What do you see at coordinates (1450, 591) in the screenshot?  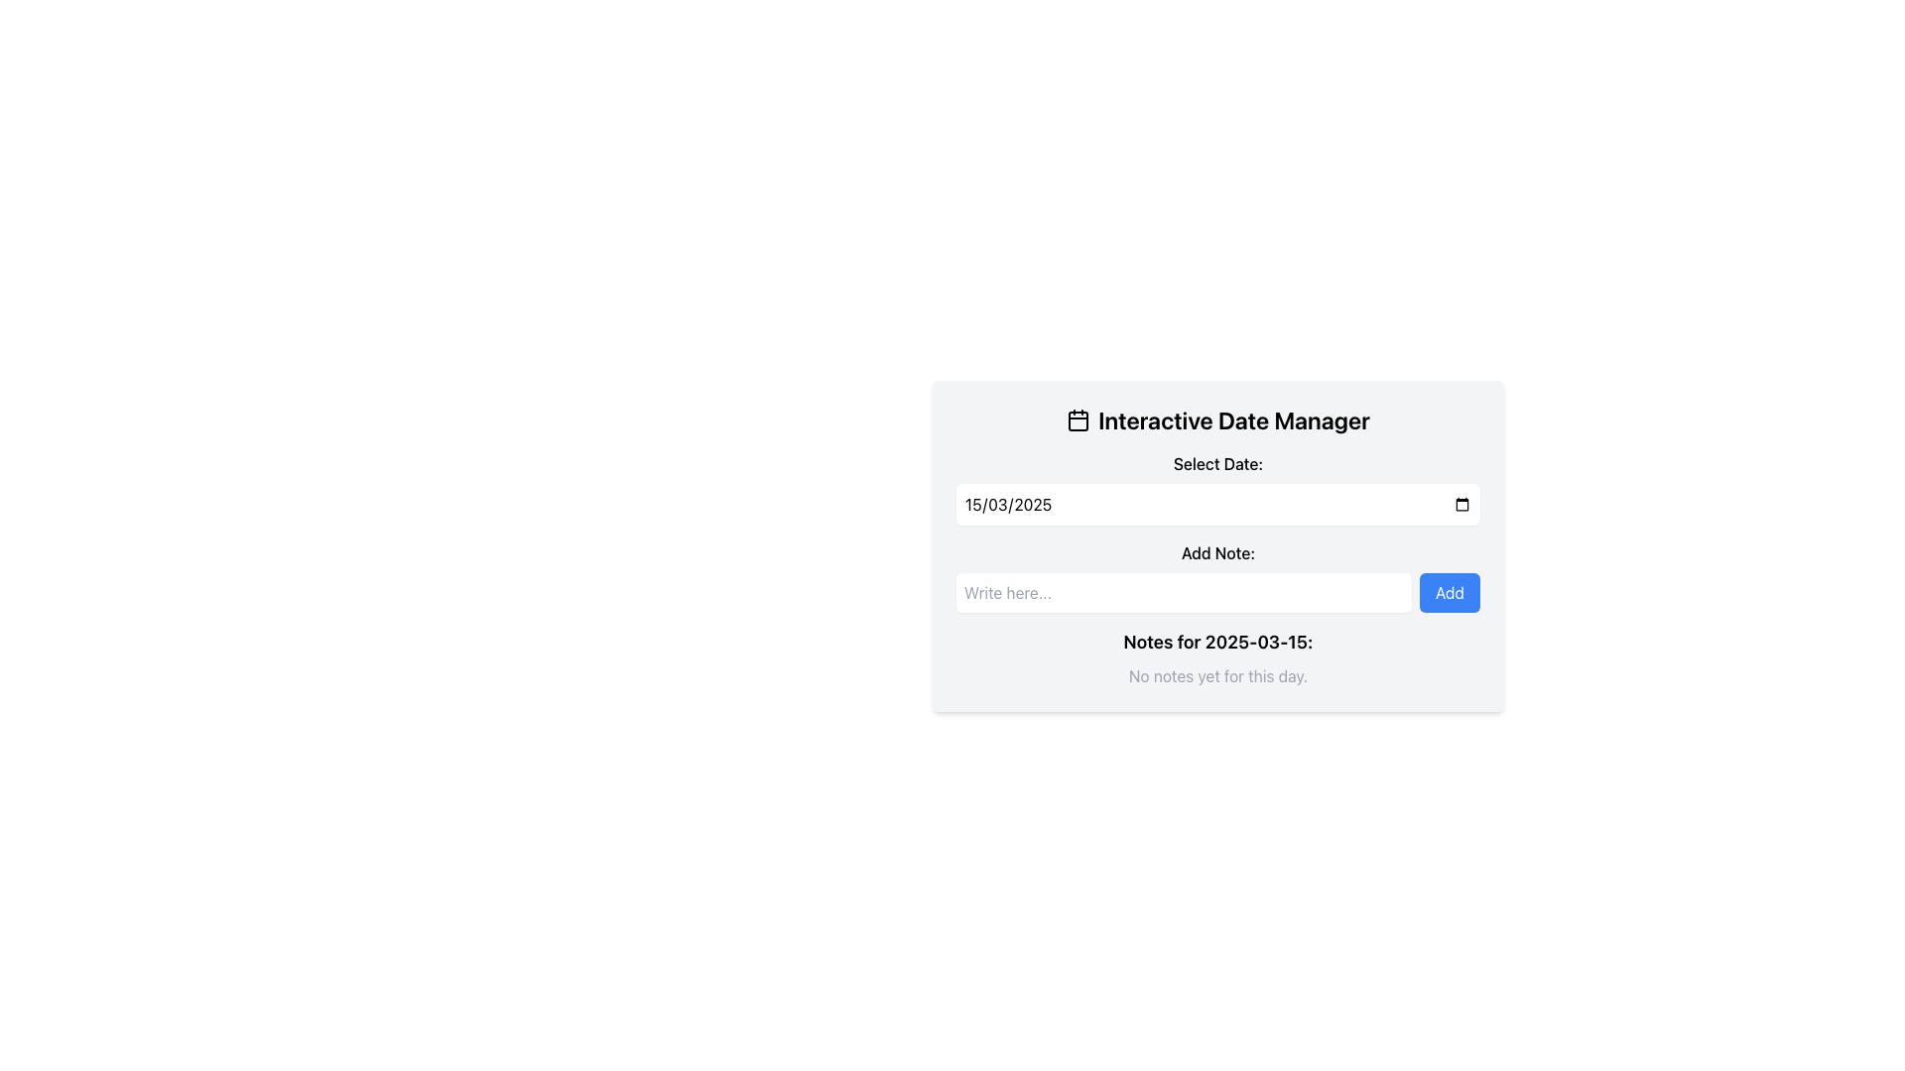 I see `the submit button located to the right of the 'Write here...' text input field in the 'Interactive Date Manager' module` at bounding box center [1450, 591].